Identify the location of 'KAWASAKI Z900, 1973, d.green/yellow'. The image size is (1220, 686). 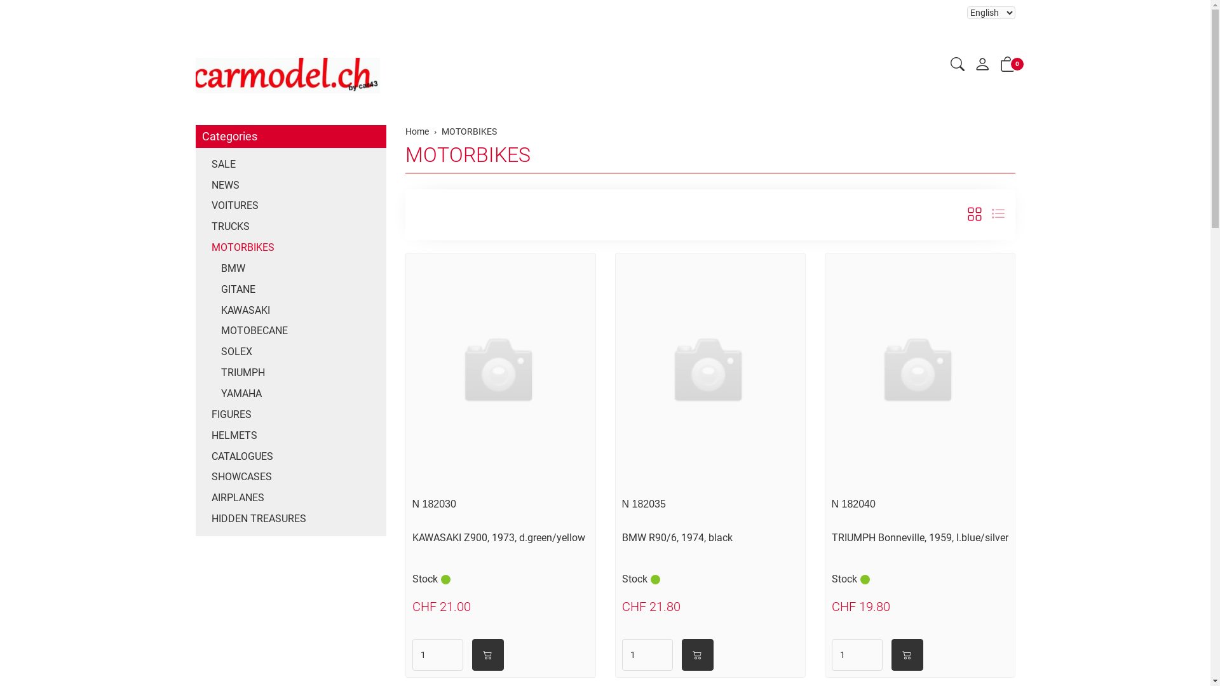
(497, 537).